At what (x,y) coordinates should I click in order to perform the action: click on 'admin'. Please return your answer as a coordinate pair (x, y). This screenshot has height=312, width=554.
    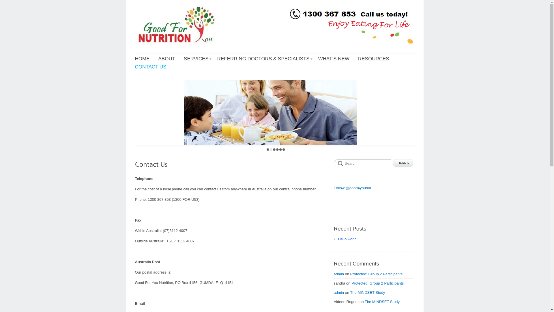
    Looking at the image, I should click on (338, 292).